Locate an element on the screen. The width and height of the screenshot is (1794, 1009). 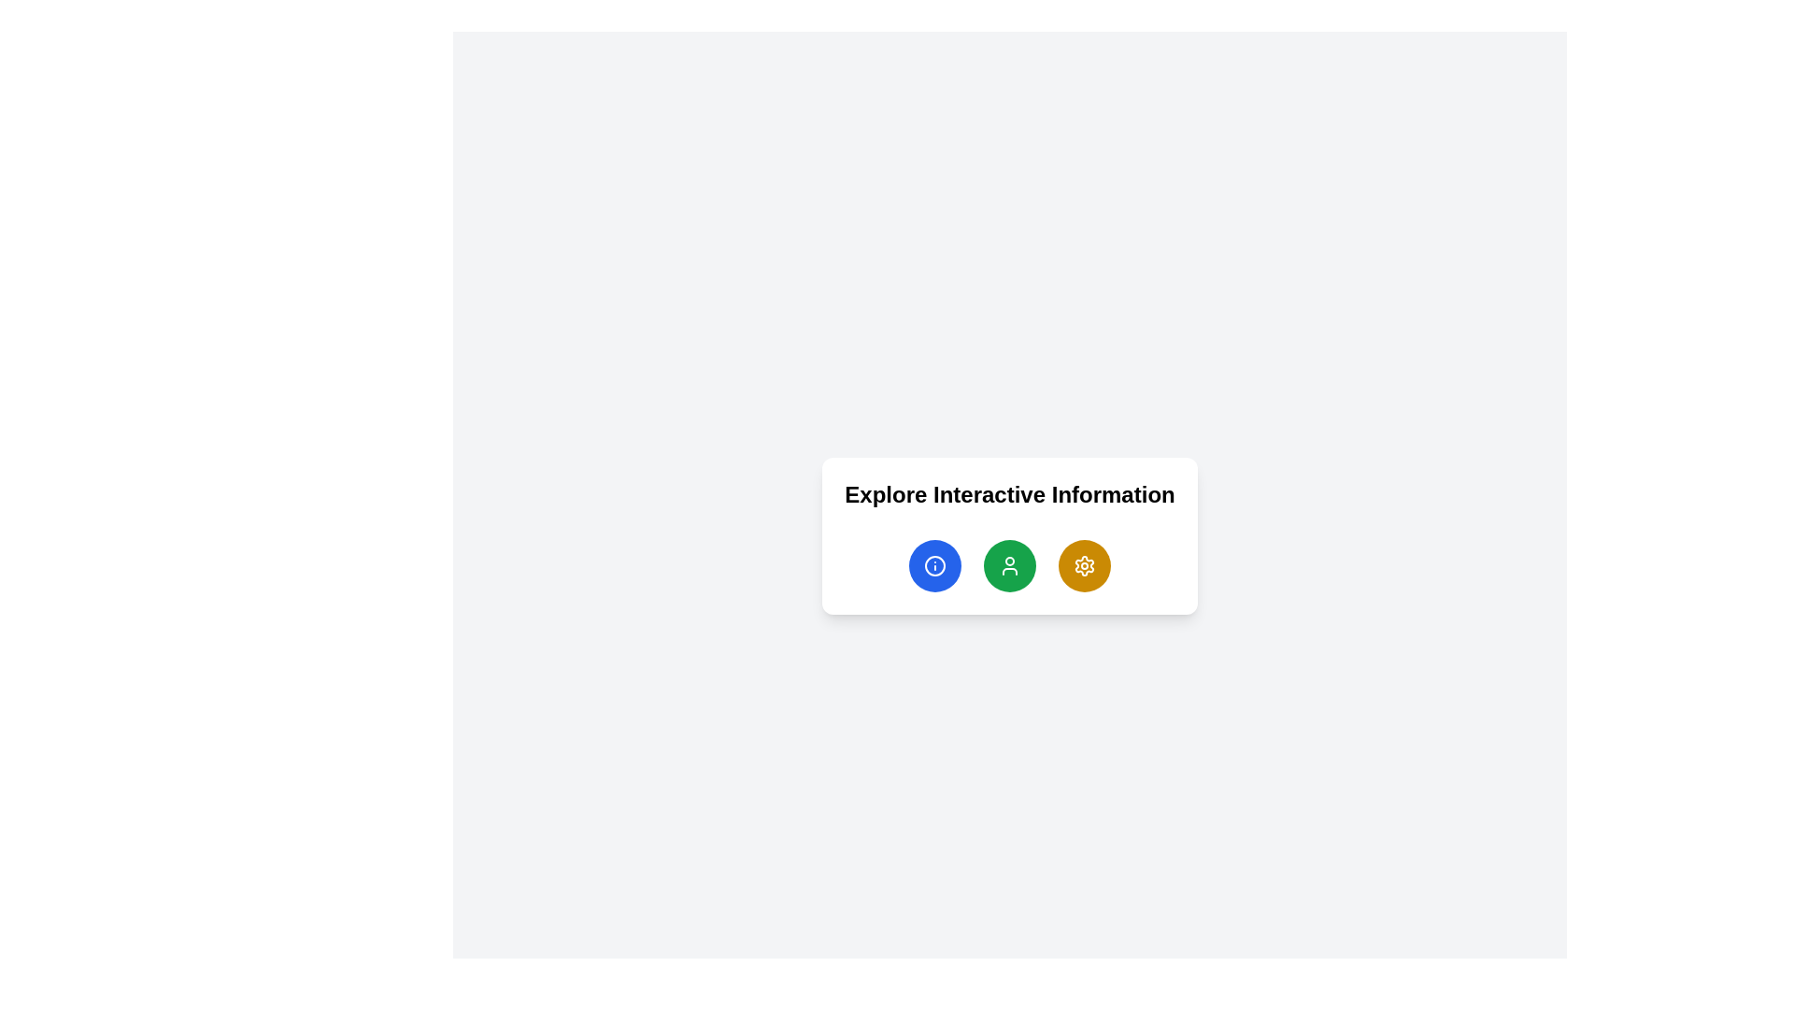
the circular green button with a person icon, which is the second button in a row of three buttons below the text 'Explore Interactive Information' is located at coordinates (1008, 564).